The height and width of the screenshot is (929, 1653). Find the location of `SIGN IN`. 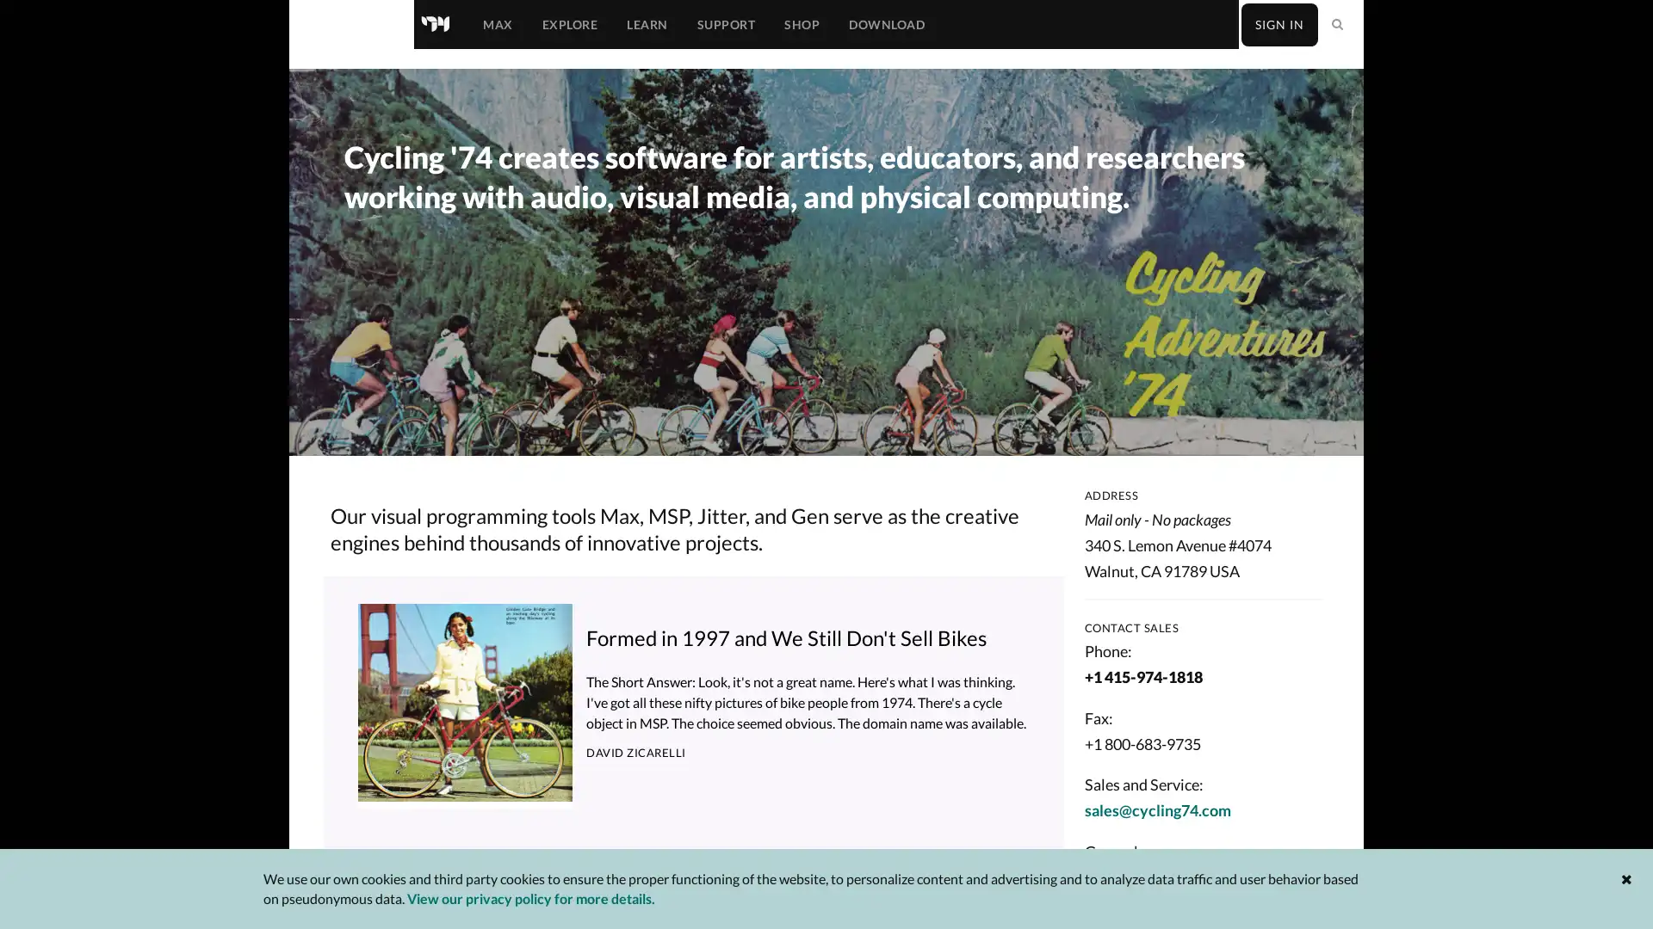

SIGN IN is located at coordinates (1279, 25).